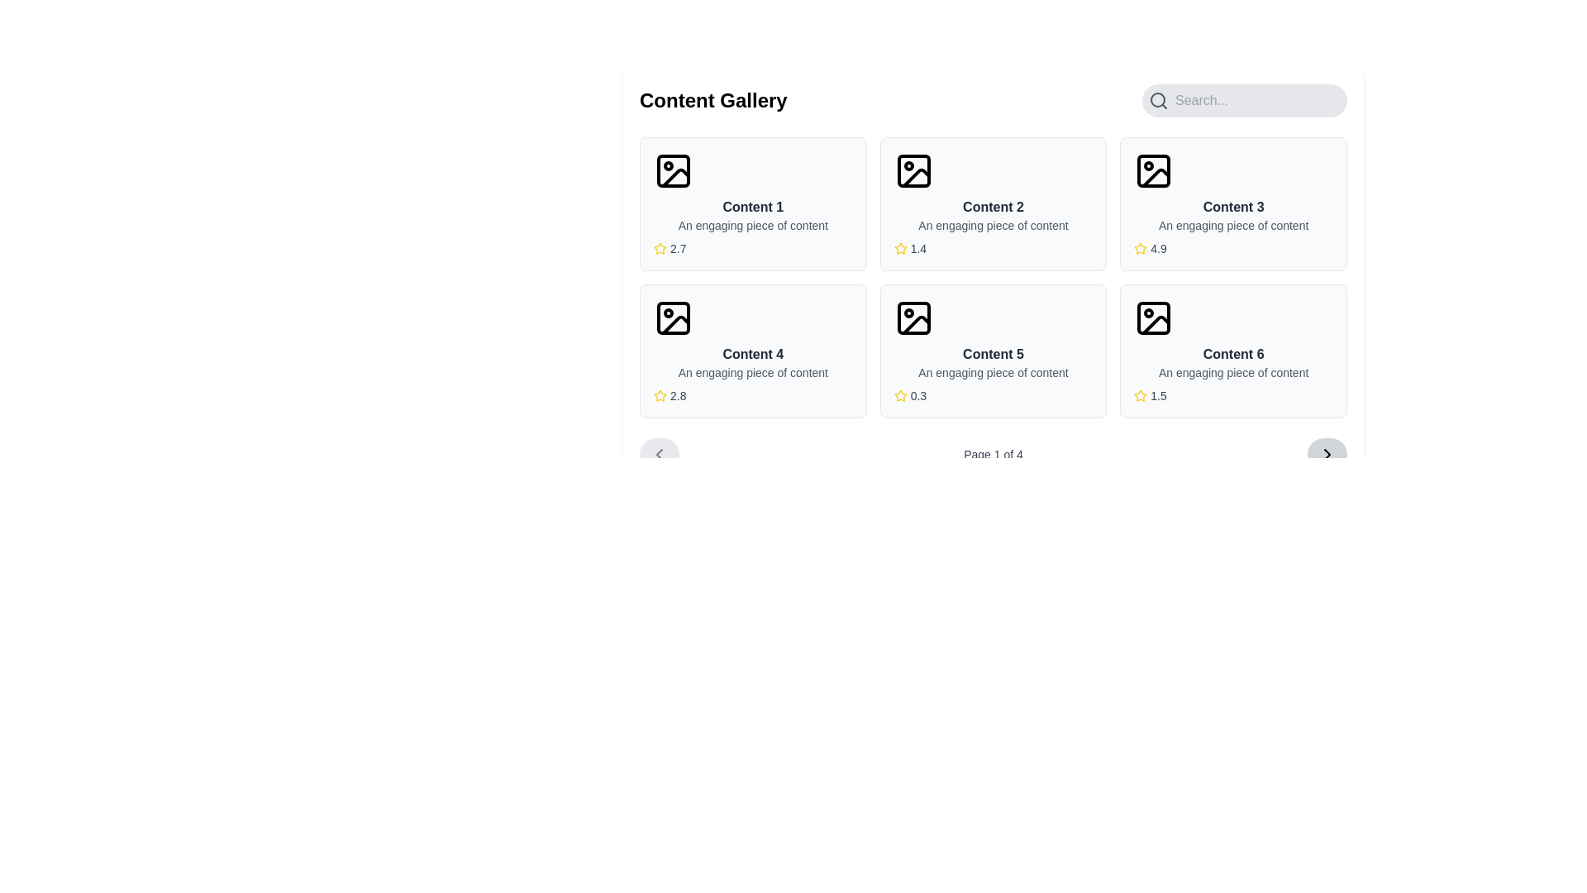 The height and width of the screenshot is (893, 1587). What do you see at coordinates (1233, 373) in the screenshot?
I see `the small light gray text label displaying the phrase 'An engaging piece of content' located below the title 'Content 6' in the sixth content card` at bounding box center [1233, 373].